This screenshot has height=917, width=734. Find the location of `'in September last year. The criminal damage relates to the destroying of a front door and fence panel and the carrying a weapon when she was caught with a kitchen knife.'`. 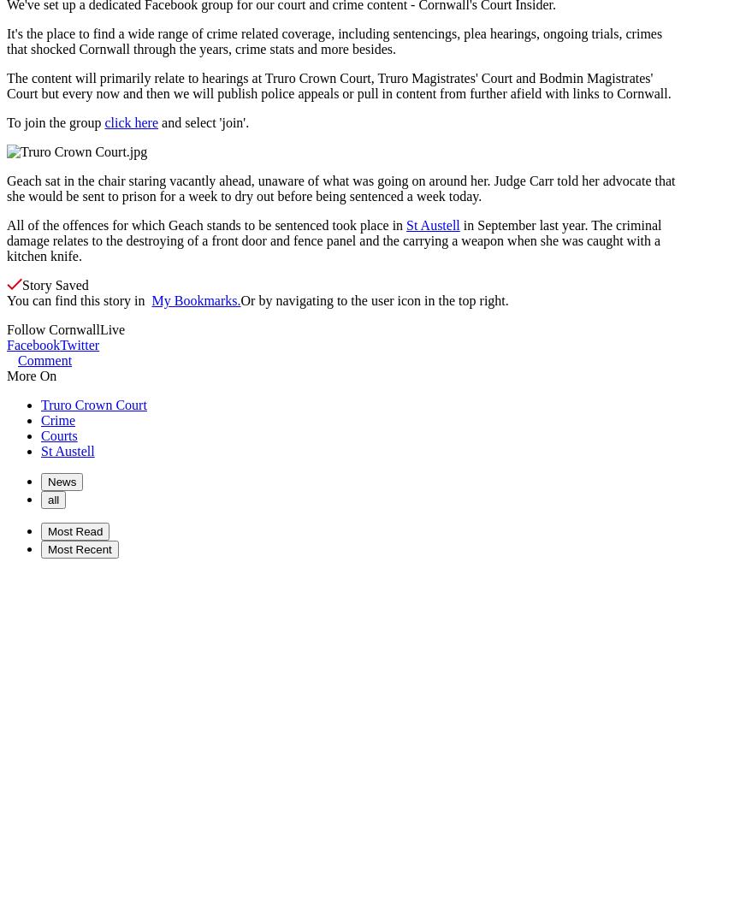

'in September last year. The criminal damage relates to the destroying of a front door and fence panel and the carrying a weapon when she was caught with a kitchen knife.' is located at coordinates (333, 240).